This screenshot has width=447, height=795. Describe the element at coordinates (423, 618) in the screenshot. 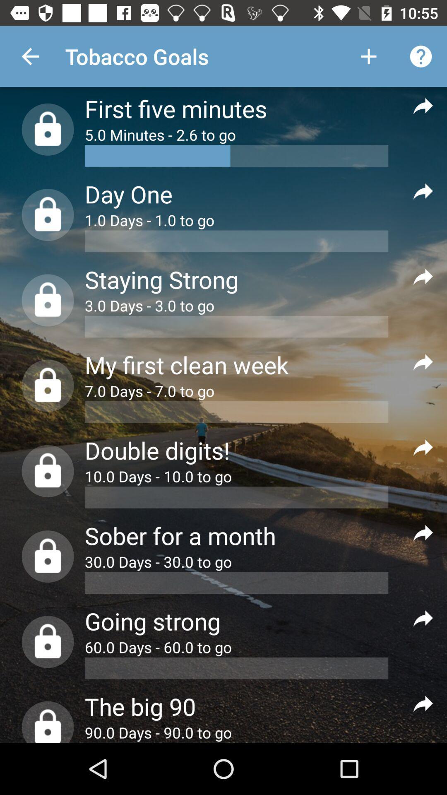

I see `sharing a goal` at that location.